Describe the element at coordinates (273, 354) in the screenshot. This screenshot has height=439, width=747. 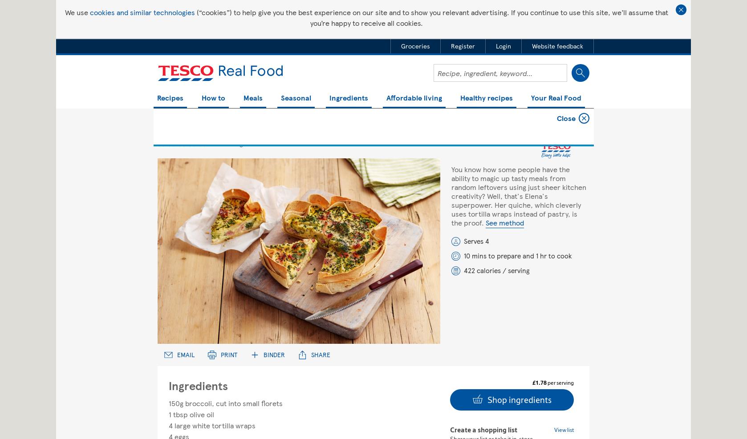
I see `'Binder'` at that location.